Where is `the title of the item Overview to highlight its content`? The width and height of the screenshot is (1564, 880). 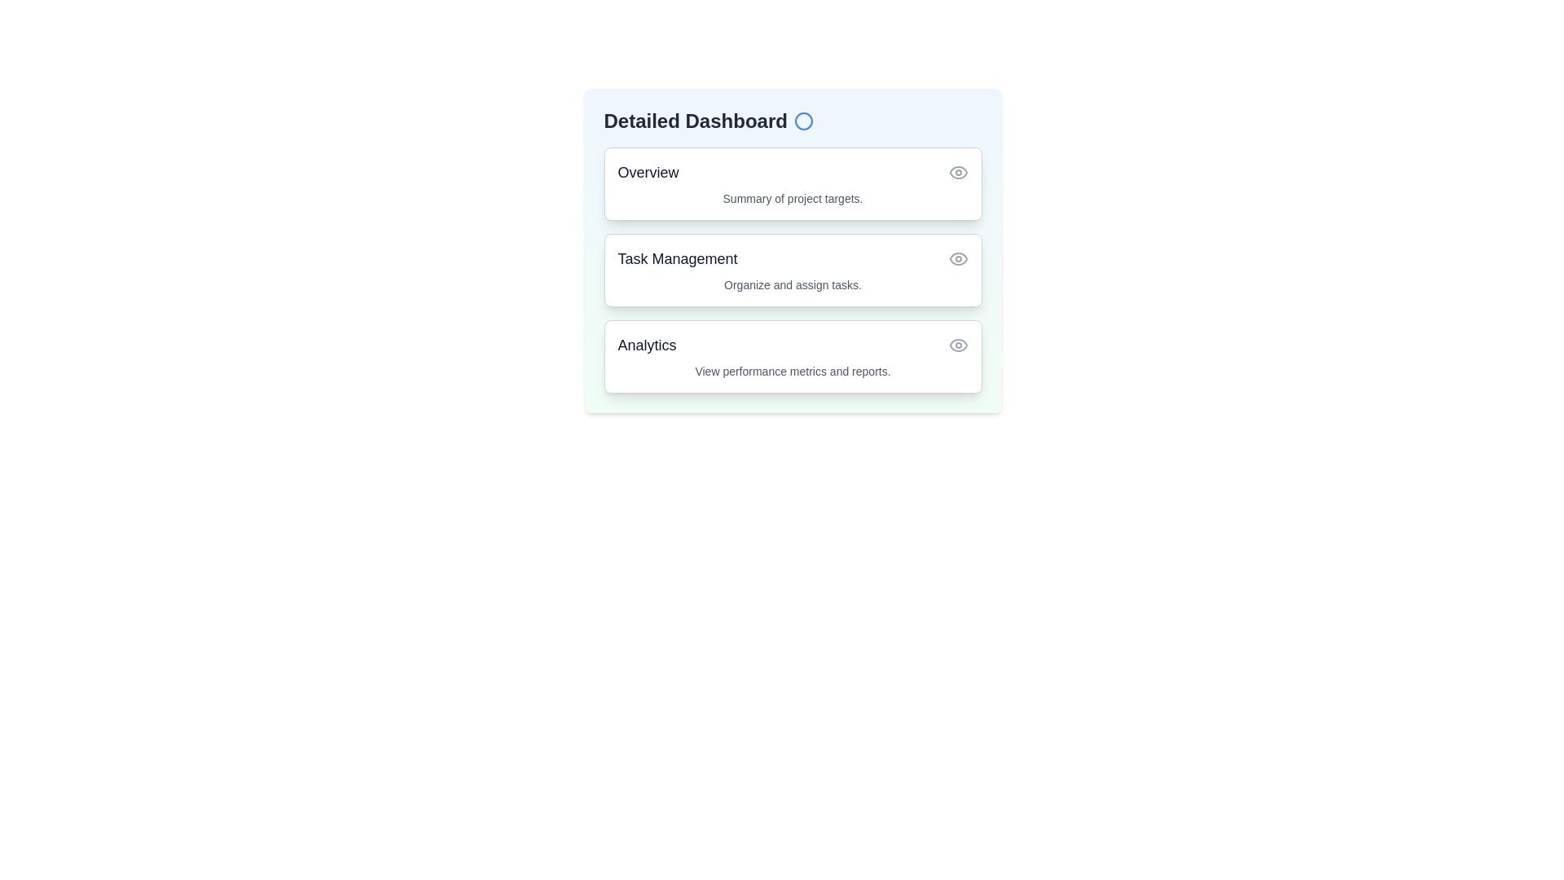 the title of the item Overview to highlight its content is located at coordinates (648, 173).